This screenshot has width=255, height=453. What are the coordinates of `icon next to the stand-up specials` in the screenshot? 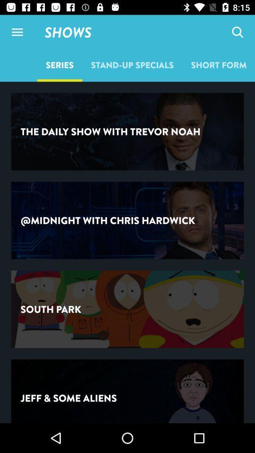 It's located at (237, 32).